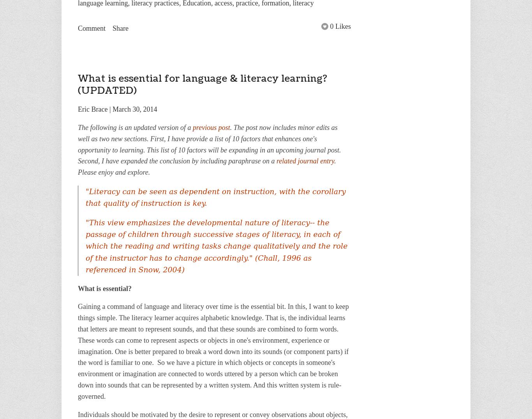  Describe the element at coordinates (215, 196) in the screenshot. I see `'"Literacy can be seen as dependent on instruction, with the corollary that quality of instruction is key.'` at that location.